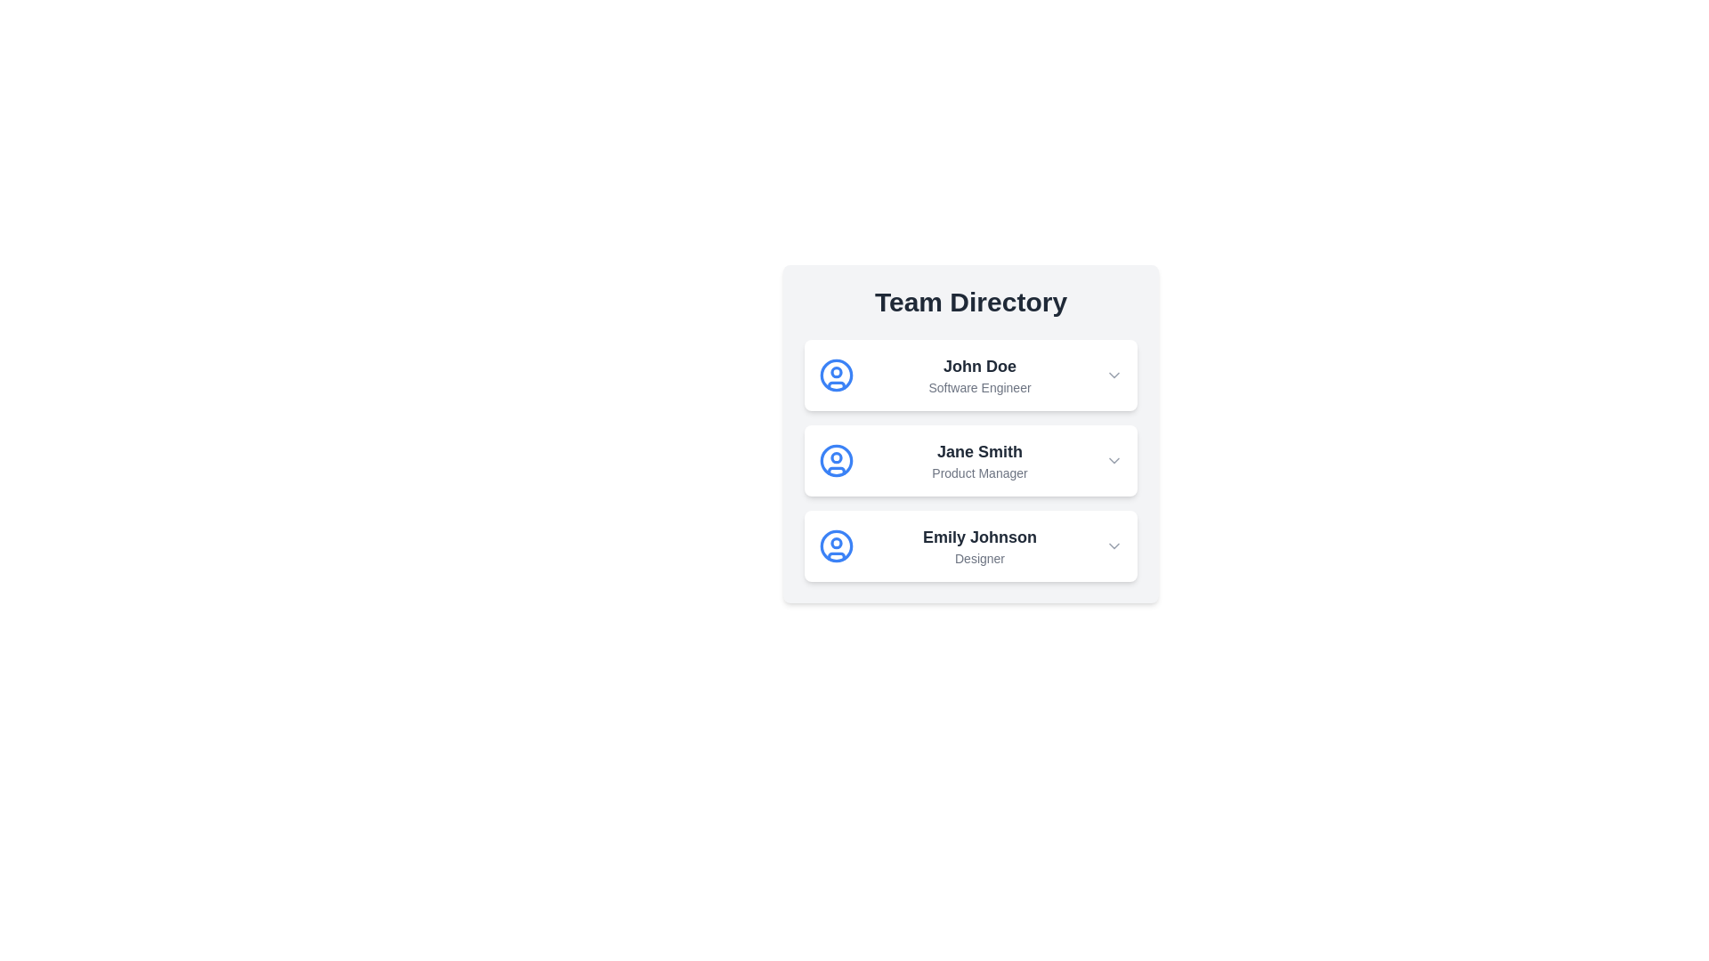 The width and height of the screenshot is (1709, 961). What do you see at coordinates (978, 366) in the screenshot?
I see `the user name John Doe to select it` at bounding box center [978, 366].